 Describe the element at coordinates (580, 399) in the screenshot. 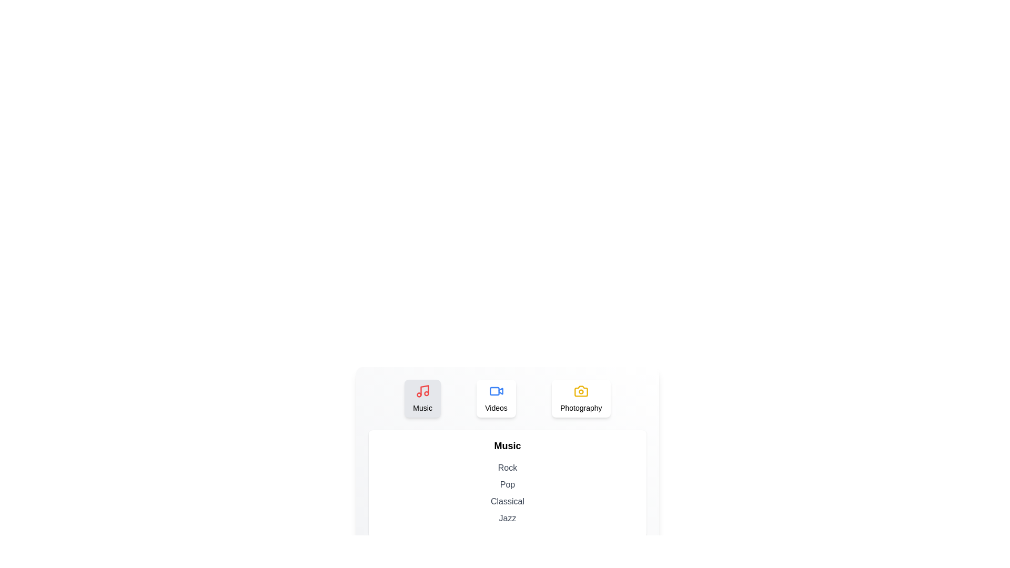

I see `the Photography tab to switch to the corresponding category` at that location.